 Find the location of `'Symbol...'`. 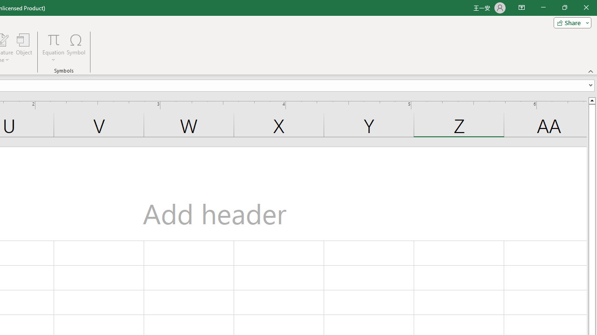

'Symbol...' is located at coordinates (76, 48).